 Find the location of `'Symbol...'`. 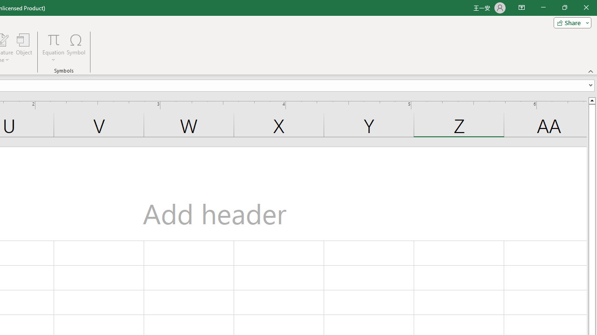

'Symbol...' is located at coordinates (76, 48).